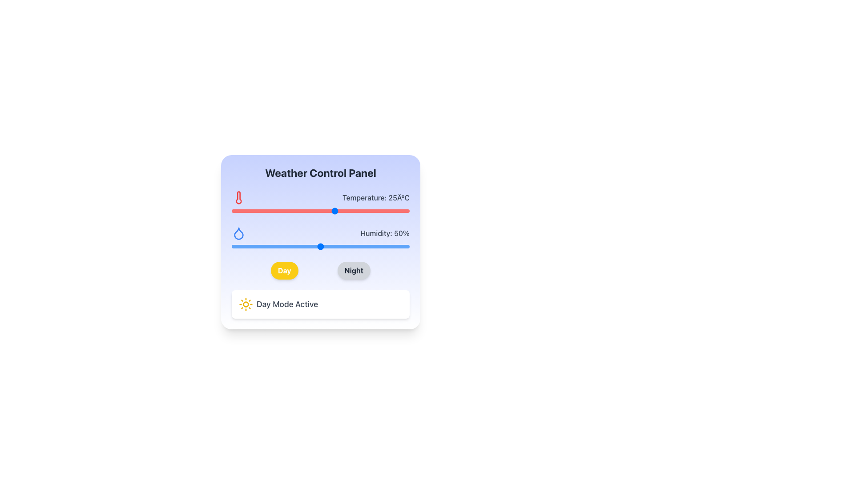  I want to click on the red thermometer icon located in the upper section of the weather control panel, which is to the left of the 'Temperature: 25°C' text, so click(239, 197).